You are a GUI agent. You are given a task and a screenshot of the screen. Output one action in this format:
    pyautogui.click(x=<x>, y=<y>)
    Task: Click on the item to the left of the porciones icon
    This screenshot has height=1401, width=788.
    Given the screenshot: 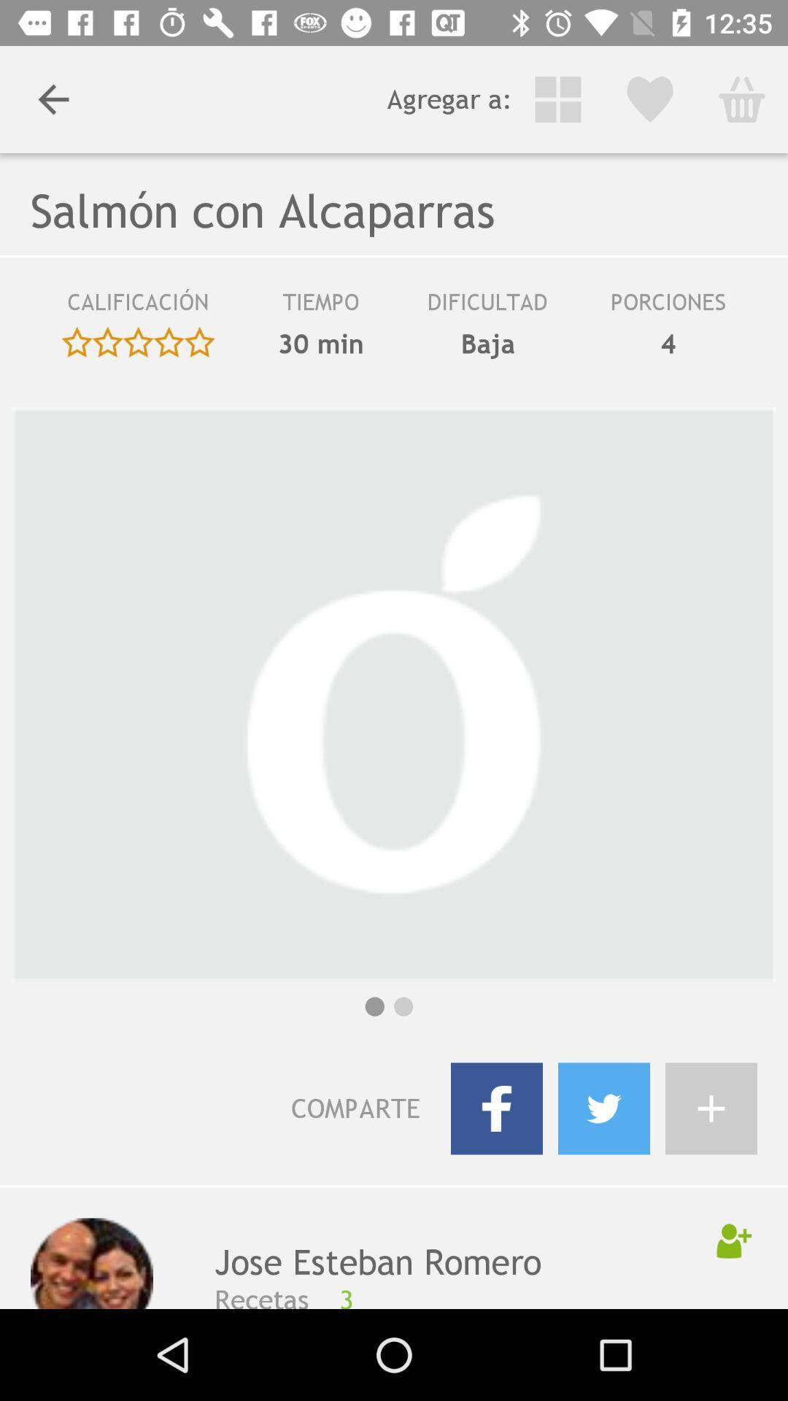 What is the action you would take?
    pyautogui.click(x=487, y=306)
    